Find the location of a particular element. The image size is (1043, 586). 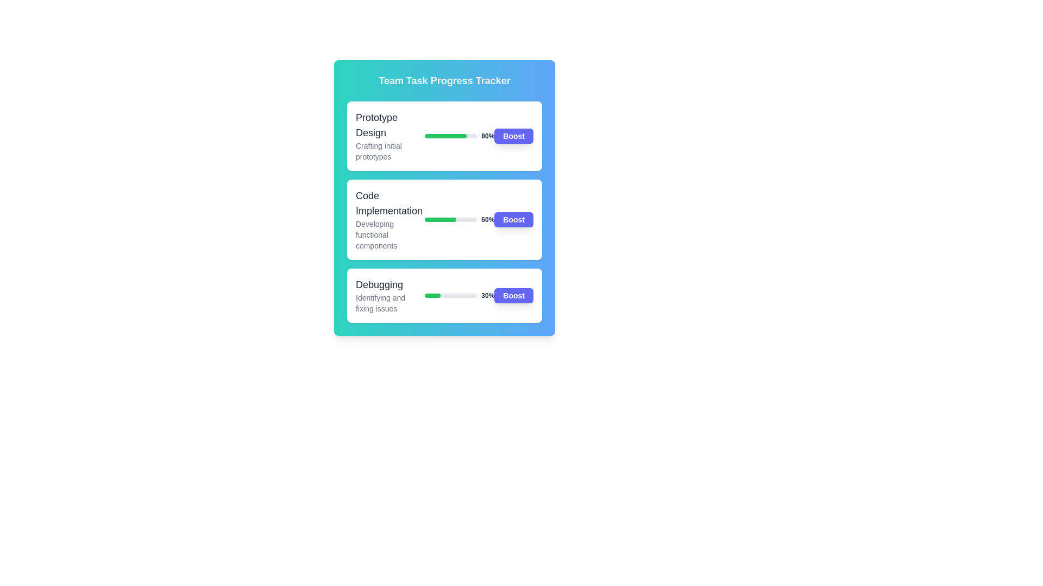

the text label that serves as the title for the 'Code Implementation' task section in the progress tracker, located directly above the text 'Developing functional components' is located at coordinates (390, 203).